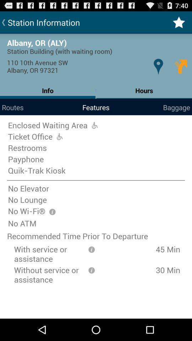 The width and height of the screenshot is (192, 341). What do you see at coordinates (158, 66) in the screenshot?
I see `item below station building with icon` at bounding box center [158, 66].